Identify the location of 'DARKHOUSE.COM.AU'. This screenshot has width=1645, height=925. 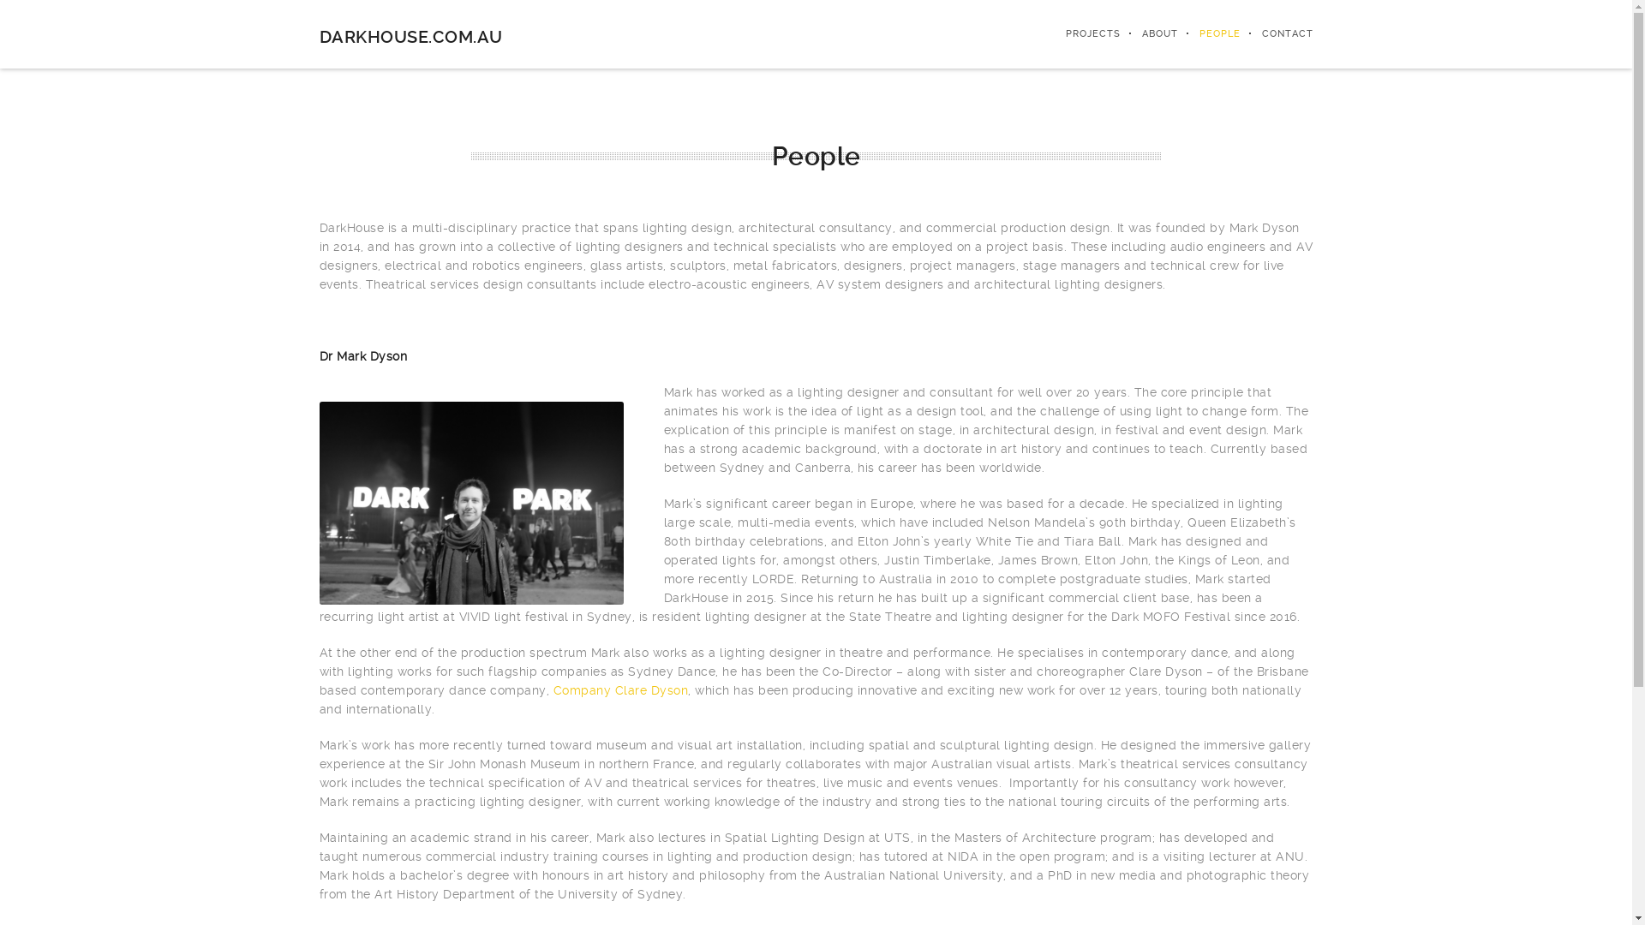
(410, 36).